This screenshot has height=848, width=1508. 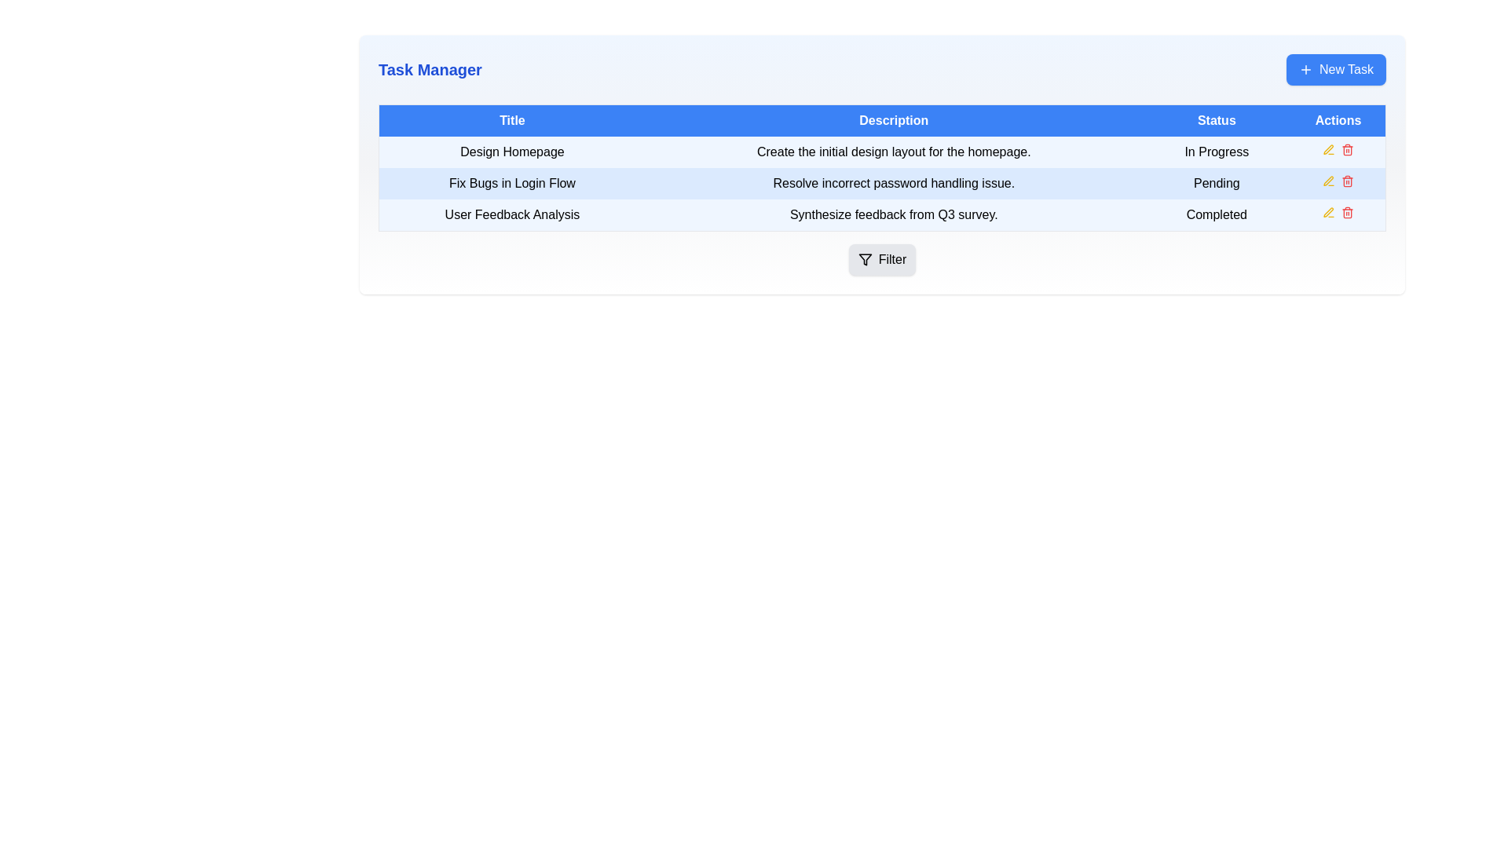 I want to click on the 'Task Manager' text label displayed in bold, extra-large blue font located in the header section, so click(x=430, y=68).